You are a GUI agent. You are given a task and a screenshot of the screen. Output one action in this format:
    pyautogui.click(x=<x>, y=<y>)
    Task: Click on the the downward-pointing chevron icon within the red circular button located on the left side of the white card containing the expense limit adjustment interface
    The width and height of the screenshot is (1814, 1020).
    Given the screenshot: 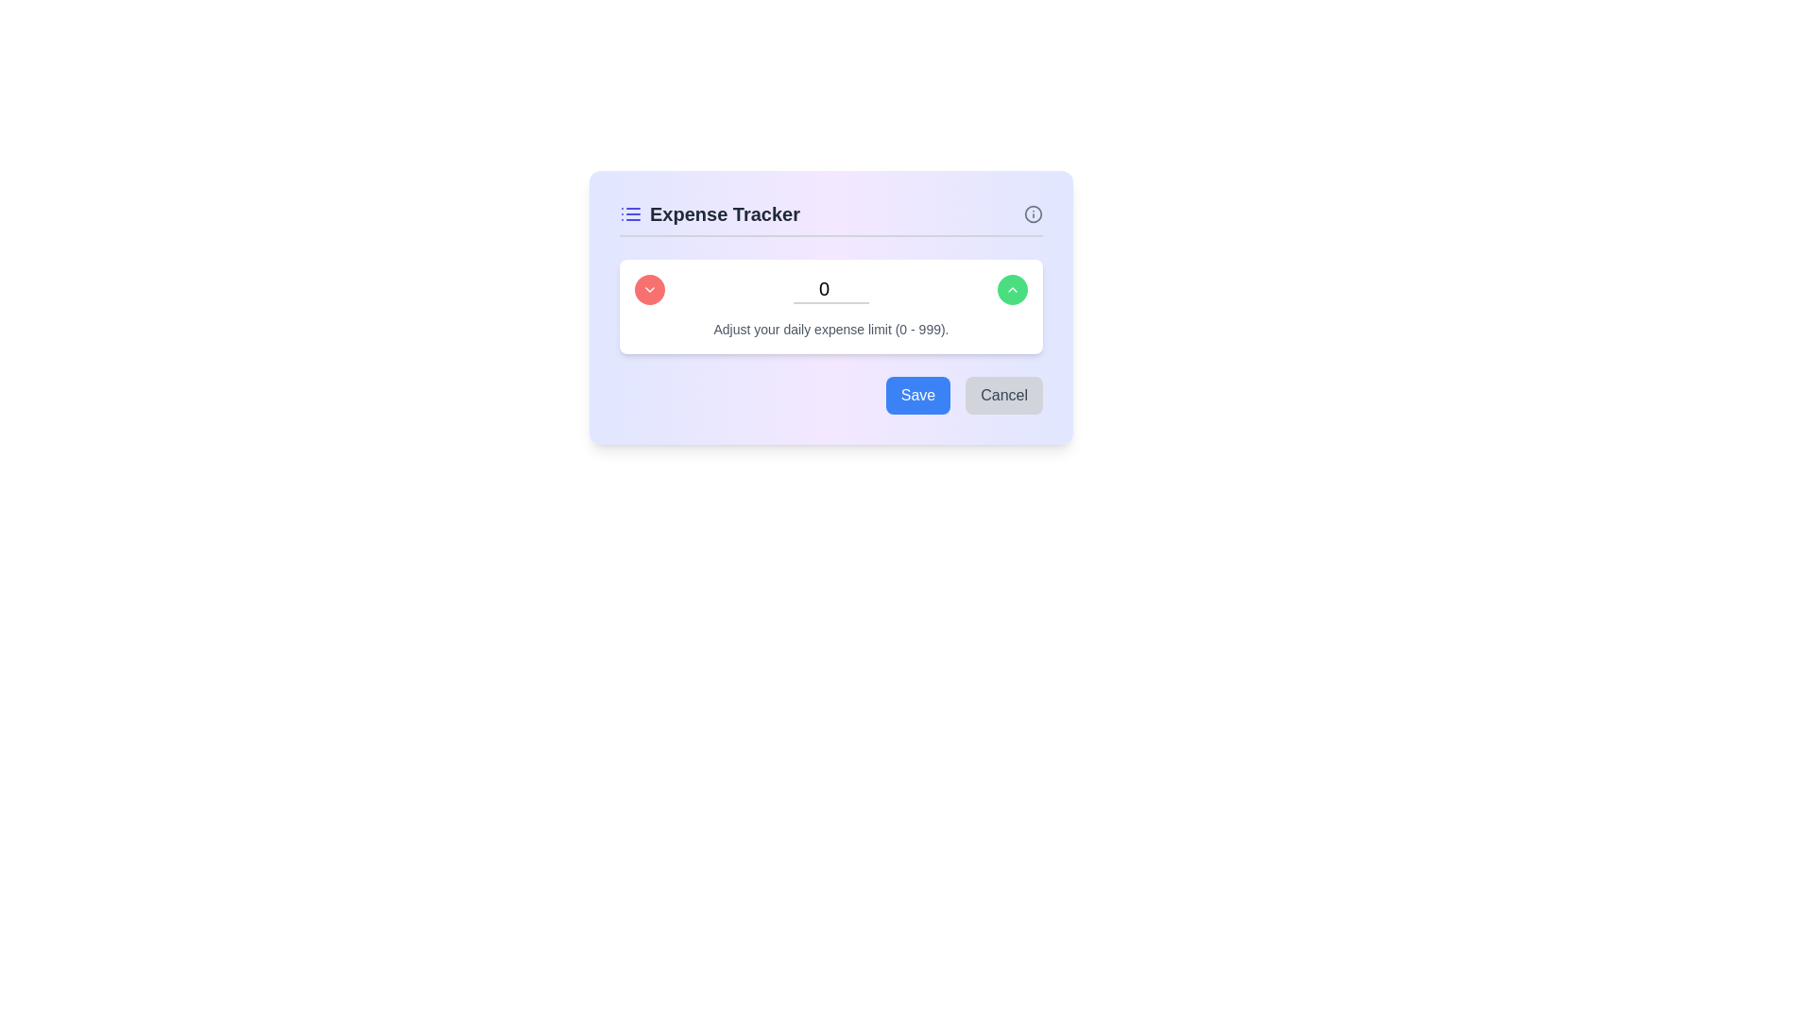 What is the action you would take?
    pyautogui.click(x=649, y=290)
    